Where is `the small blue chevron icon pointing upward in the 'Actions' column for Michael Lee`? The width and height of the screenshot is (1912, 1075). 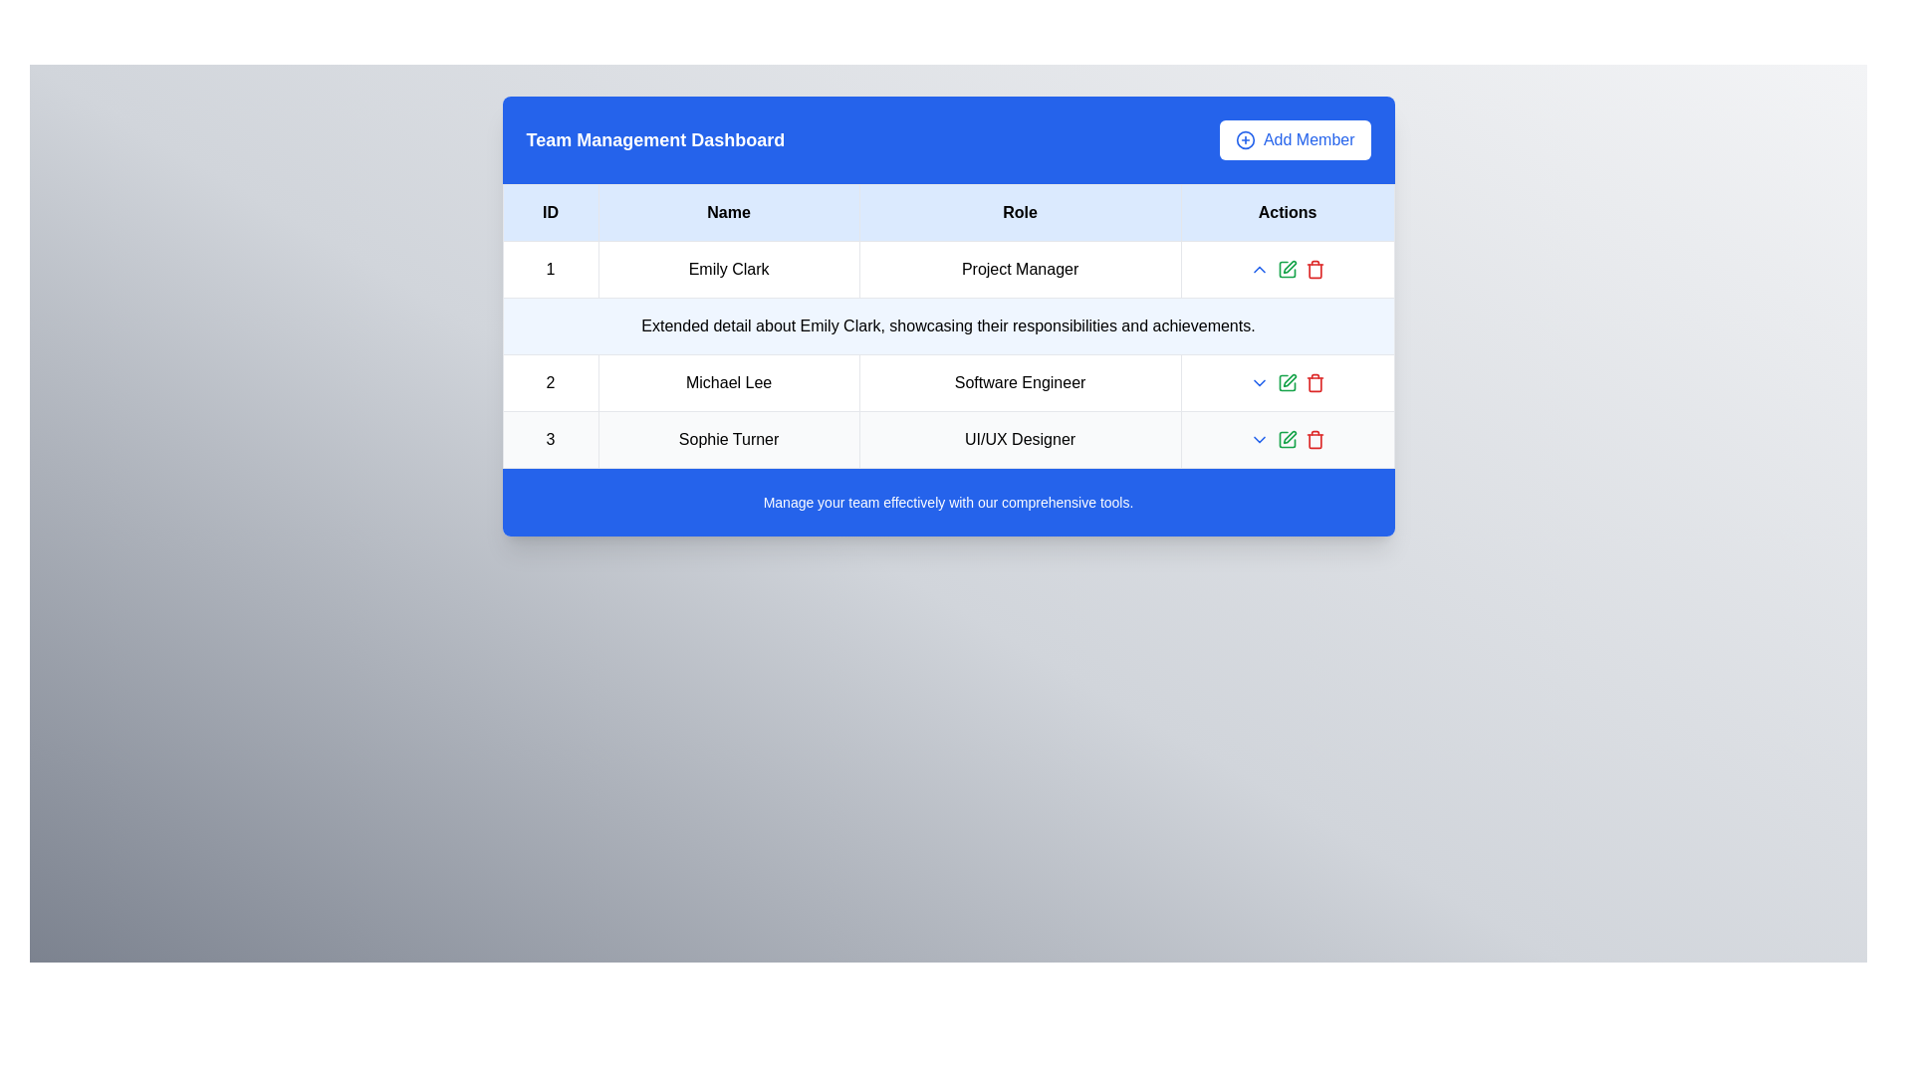 the small blue chevron icon pointing upward in the 'Actions' column for Michael Lee is located at coordinates (1259, 269).